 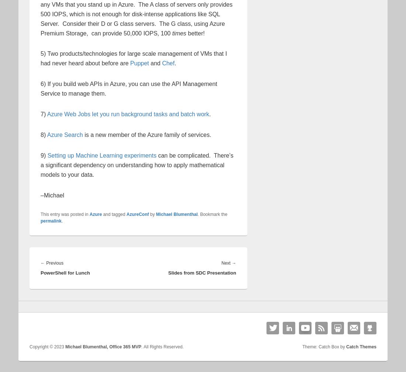 What do you see at coordinates (64, 134) in the screenshot?
I see `'Azure Search'` at bounding box center [64, 134].